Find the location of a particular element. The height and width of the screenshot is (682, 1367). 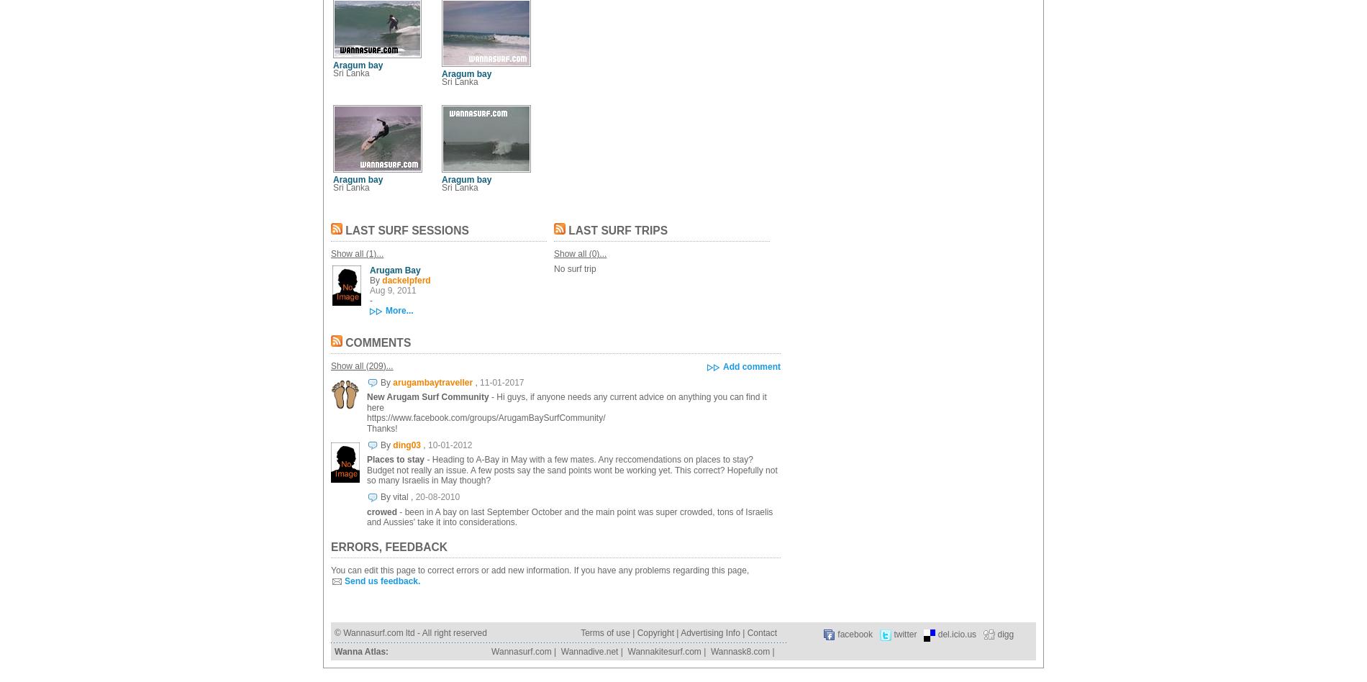

'Wannakitesurf.com' is located at coordinates (663, 651).